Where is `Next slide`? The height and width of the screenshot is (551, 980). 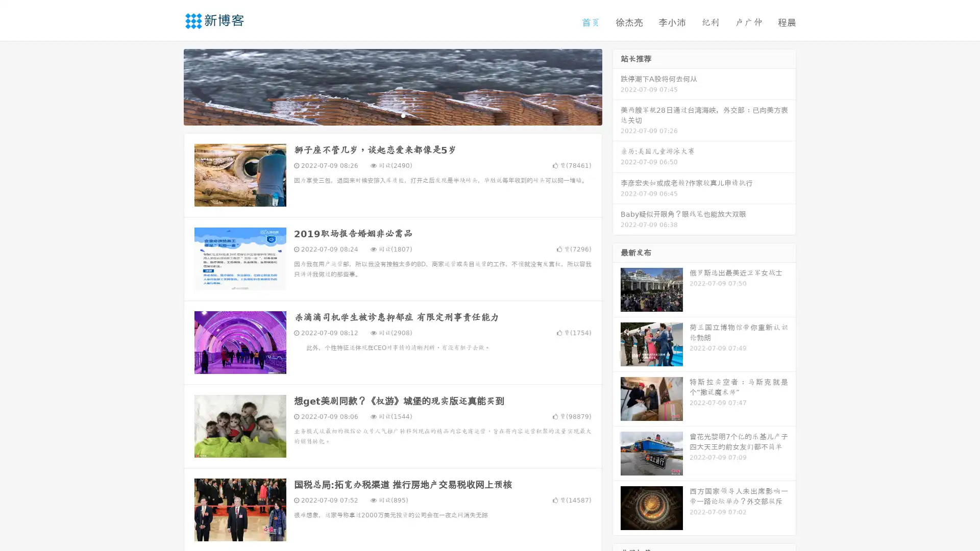 Next slide is located at coordinates (617, 86).